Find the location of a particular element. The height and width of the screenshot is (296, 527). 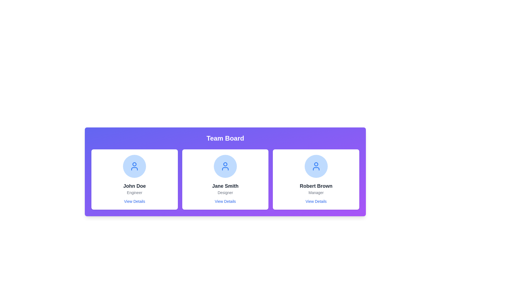

the user profile icon representing 'Jane Smith Designer' for inspection using developer tools is located at coordinates (225, 166).